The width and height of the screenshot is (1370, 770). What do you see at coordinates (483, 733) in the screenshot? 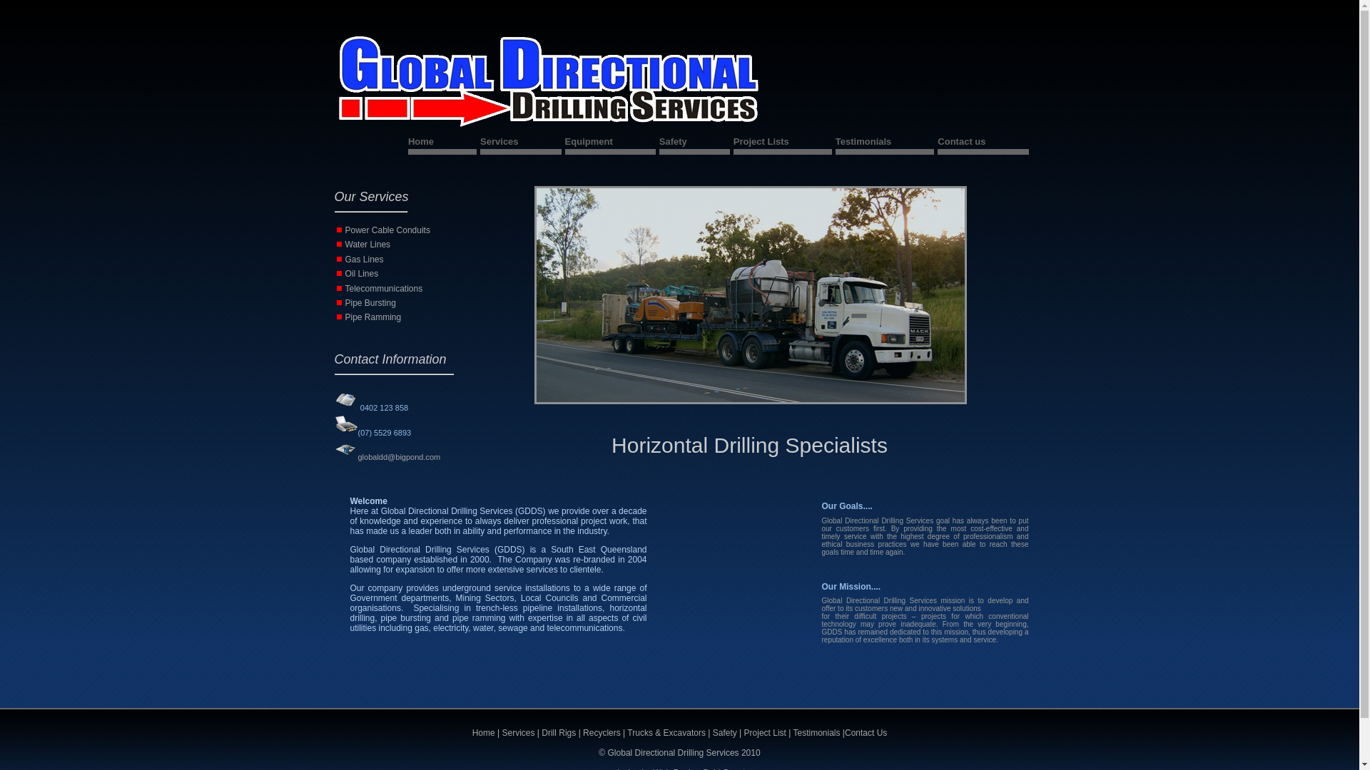
I see `'Home'` at bounding box center [483, 733].